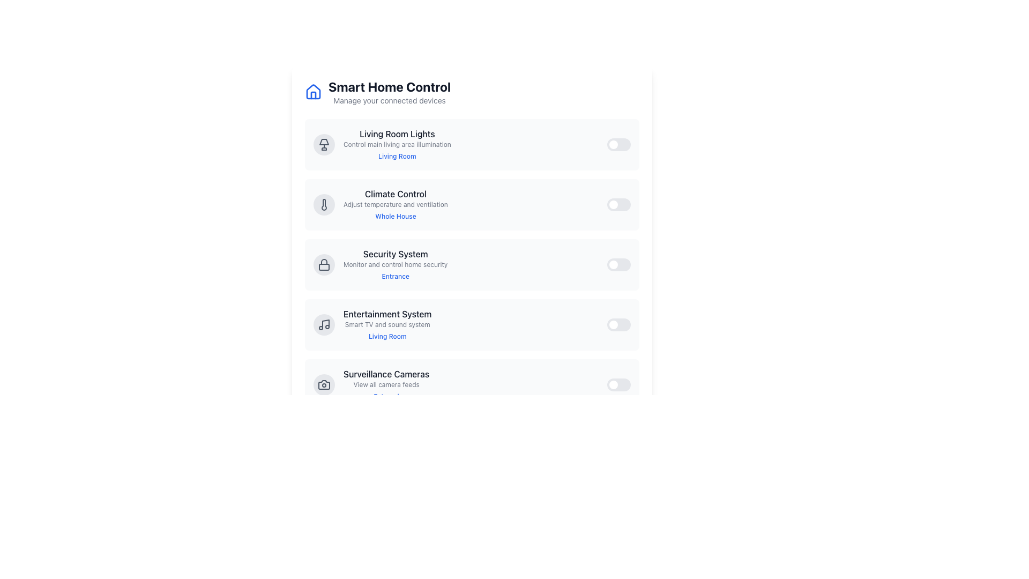  Describe the element at coordinates (323, 264) in the screenshot. I see `the lock icon, which is a security graphic symbol located in the middle-left area of the 'Security System' list item` at that location.